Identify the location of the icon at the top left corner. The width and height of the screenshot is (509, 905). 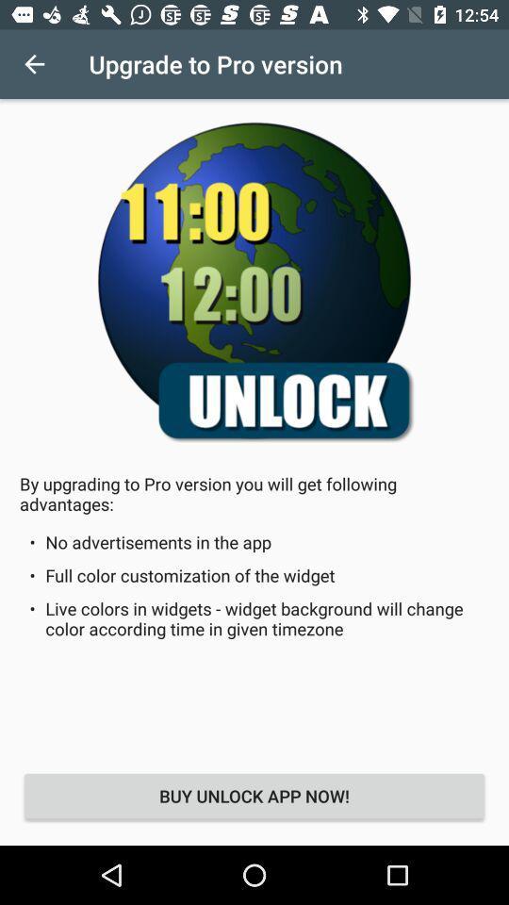
(34, 64).